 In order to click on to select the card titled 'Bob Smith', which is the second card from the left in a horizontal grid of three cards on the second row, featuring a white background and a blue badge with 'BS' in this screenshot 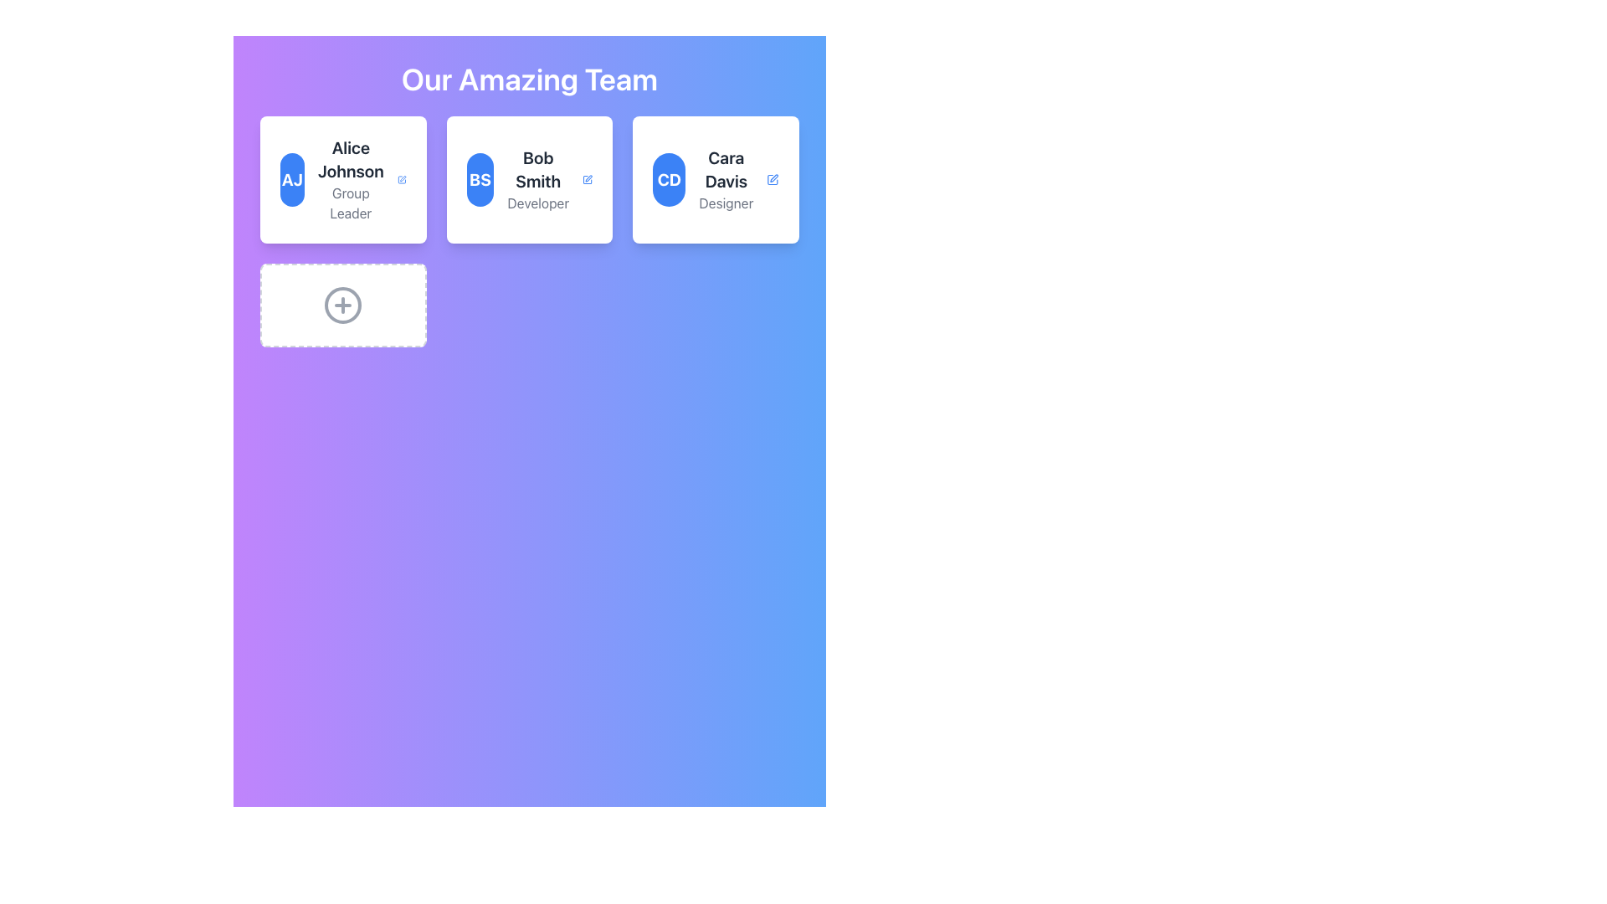, I will do `click(529, 180)`.